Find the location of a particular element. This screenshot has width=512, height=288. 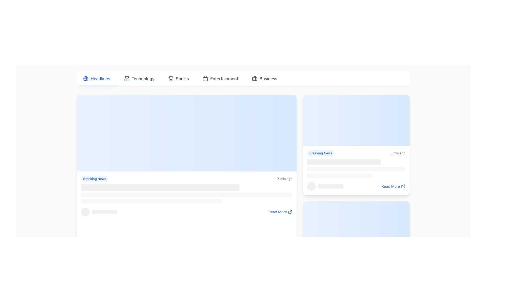

the television icon located in the Entertainment menu, which is styled in a simple line-art design and positioned to the left of the 'Entertainment' label is located at coordinates (205, 78).